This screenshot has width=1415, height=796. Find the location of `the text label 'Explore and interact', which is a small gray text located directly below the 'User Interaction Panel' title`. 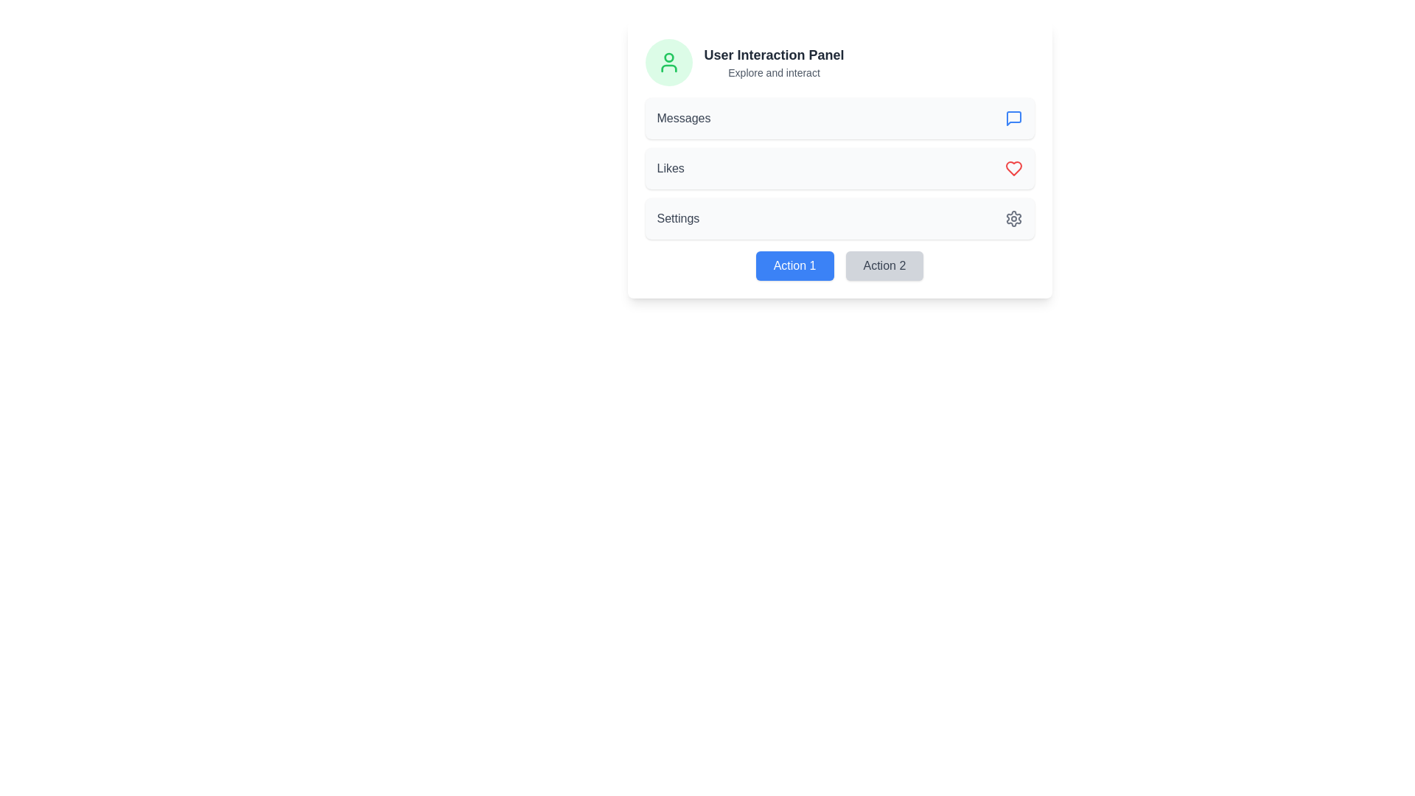

the text label 'Explore and interact', which is a small gray text located directly below the 'User Interaction Panel' title is located at coordinates (773, 73).